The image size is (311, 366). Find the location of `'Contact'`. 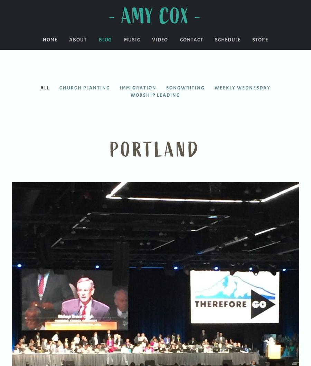

'Contact' is located at coordinates (191, 40).